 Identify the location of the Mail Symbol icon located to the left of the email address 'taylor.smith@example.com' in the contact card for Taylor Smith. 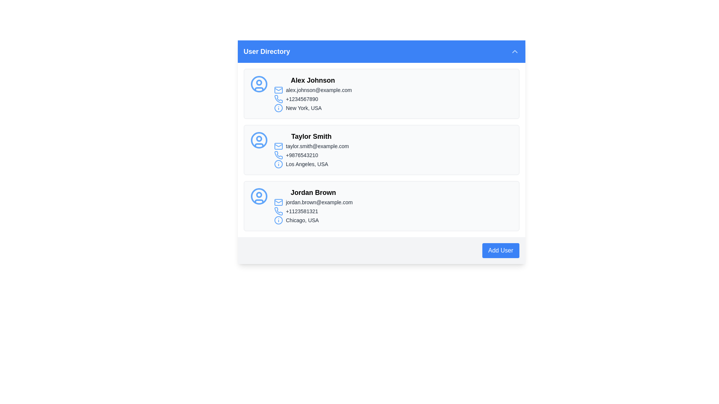
(278, 146).